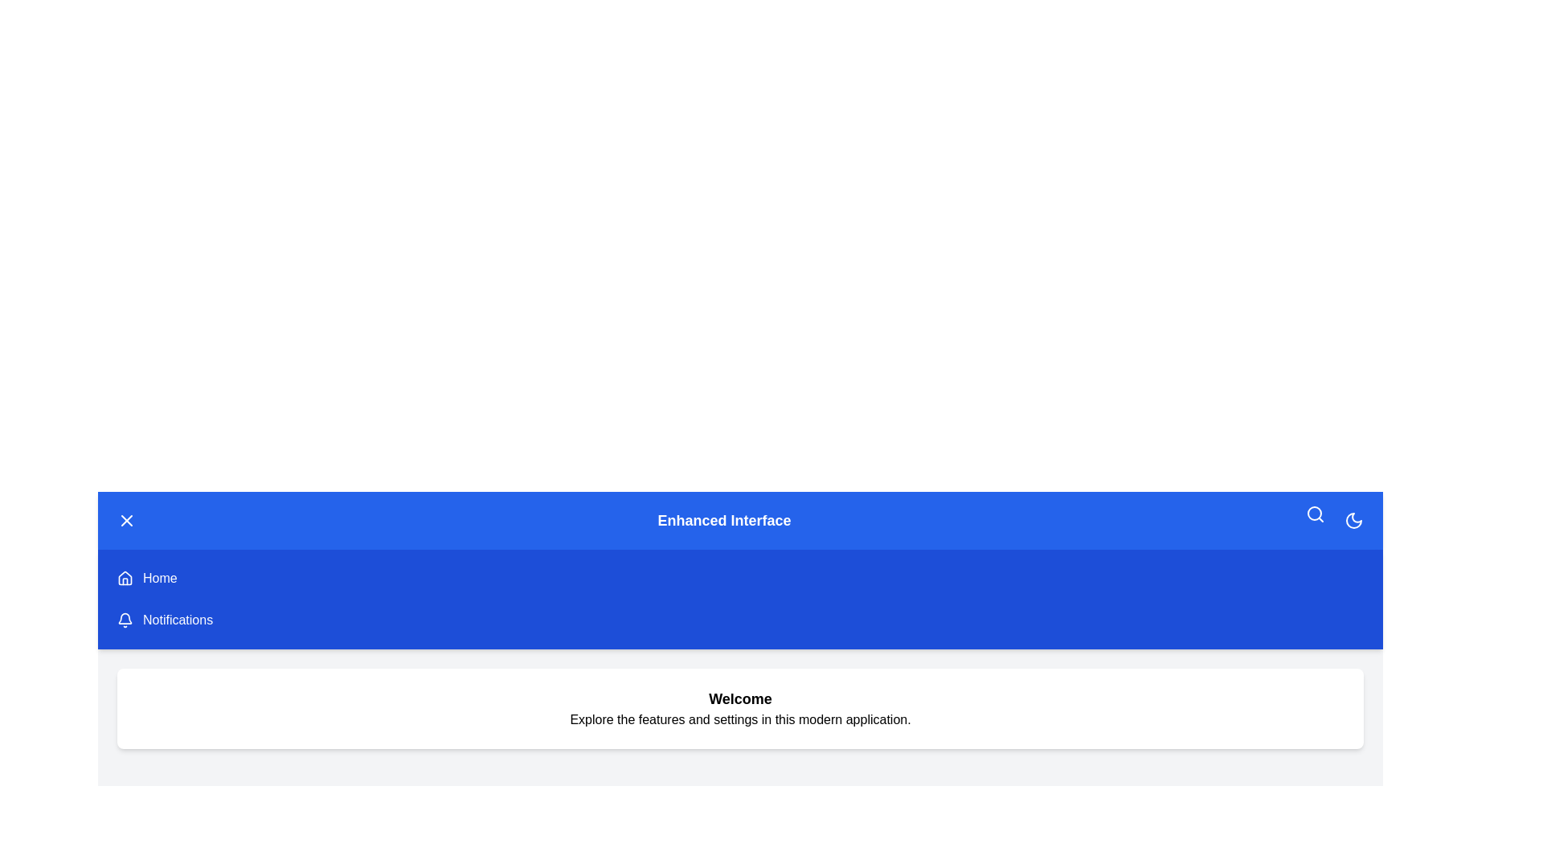 Image resolution: width=1543 pixels, height=868 pixels. Describe the element at coordinates (1315, 514) in the screenshot. I see `the search icon to activate the search functionality` at that location.